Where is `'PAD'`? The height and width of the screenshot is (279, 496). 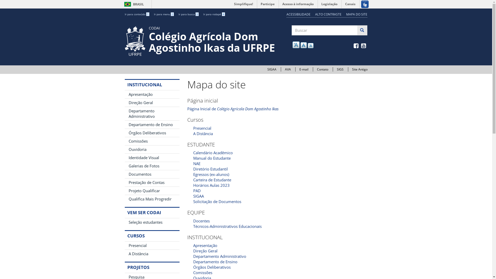
'PAD' is located at coordinates (193, 190).